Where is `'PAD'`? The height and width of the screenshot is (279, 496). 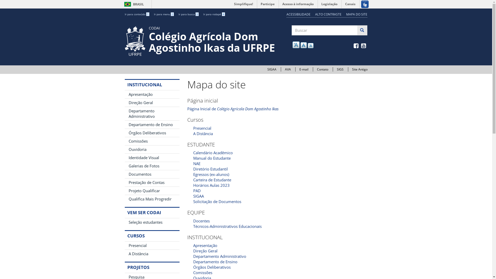
'PAD' is located at coordinates (193, 190).